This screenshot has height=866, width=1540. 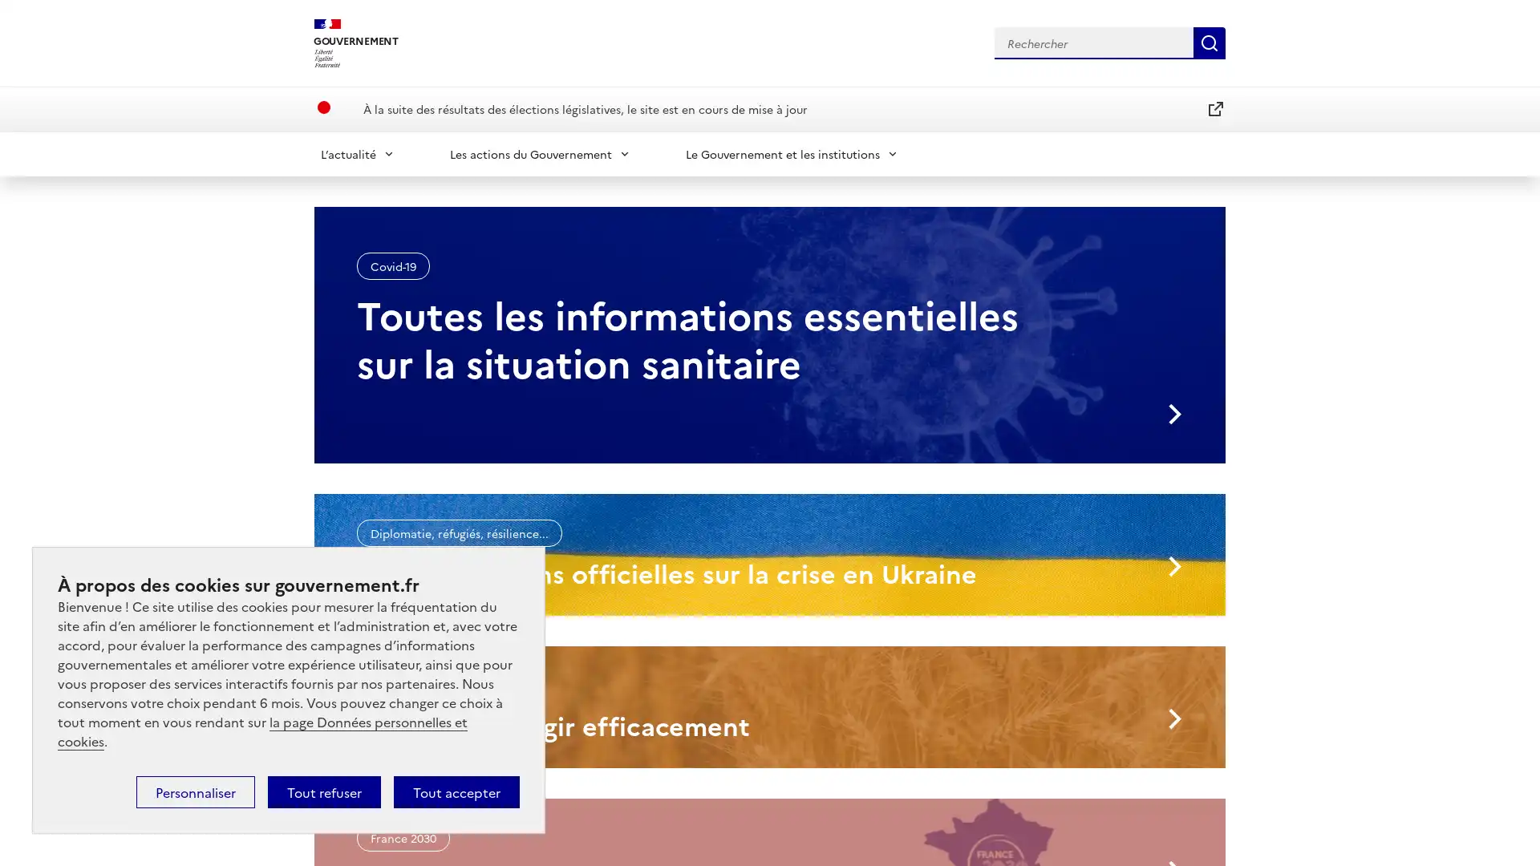 I want to click on Le Gouvernement et les institutions, so click(x=792, y=153).